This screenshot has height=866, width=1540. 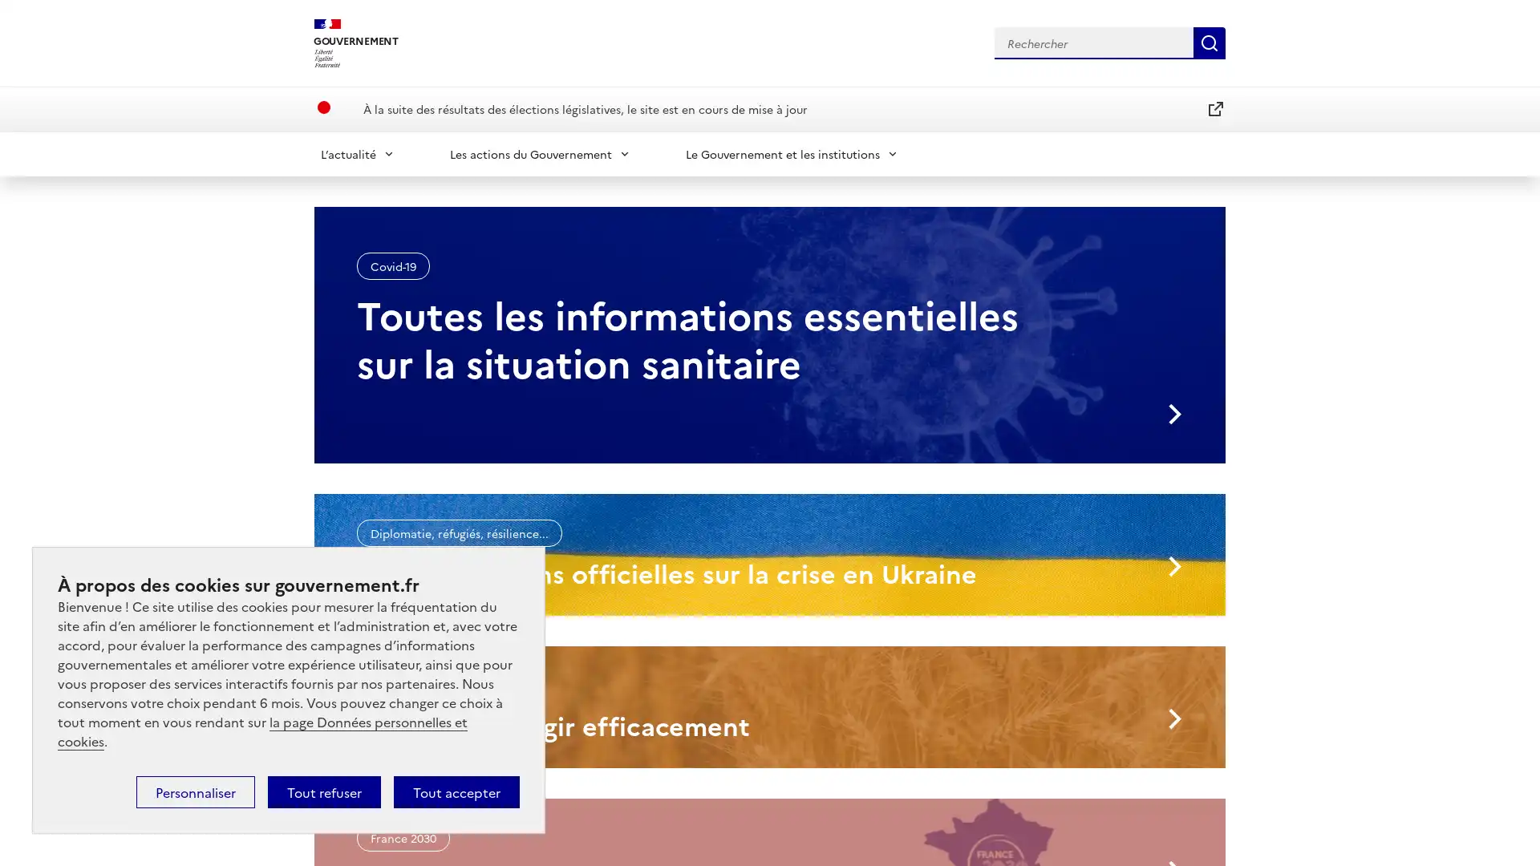 I want to click on Le Gouvernement et les institutions, so click(x=792, y=153).